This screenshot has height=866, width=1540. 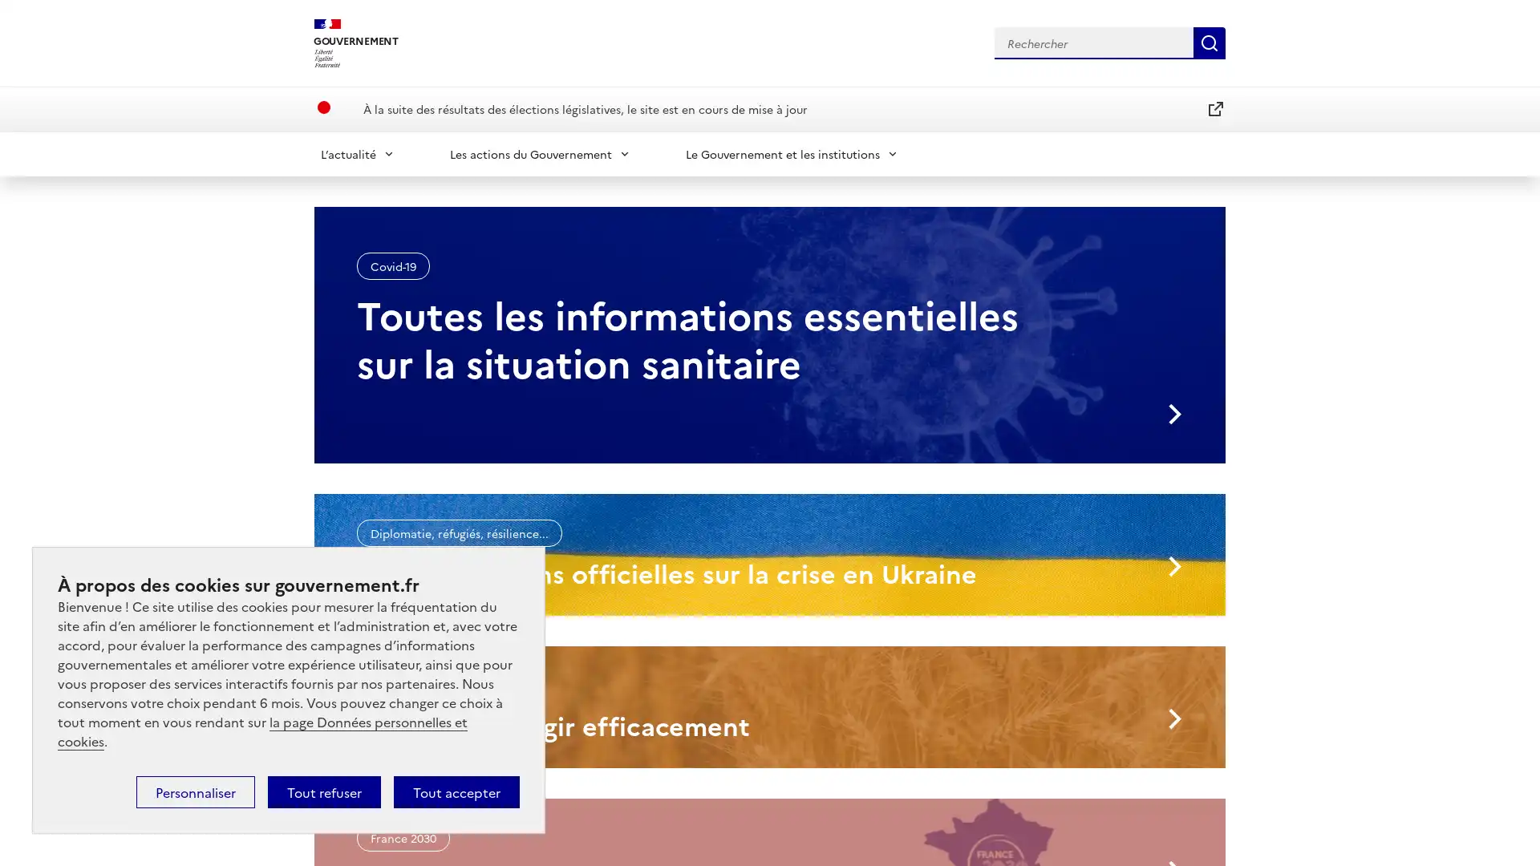 I want to click on Le Gouvernement et les institutions, so click(x=792, y=153).